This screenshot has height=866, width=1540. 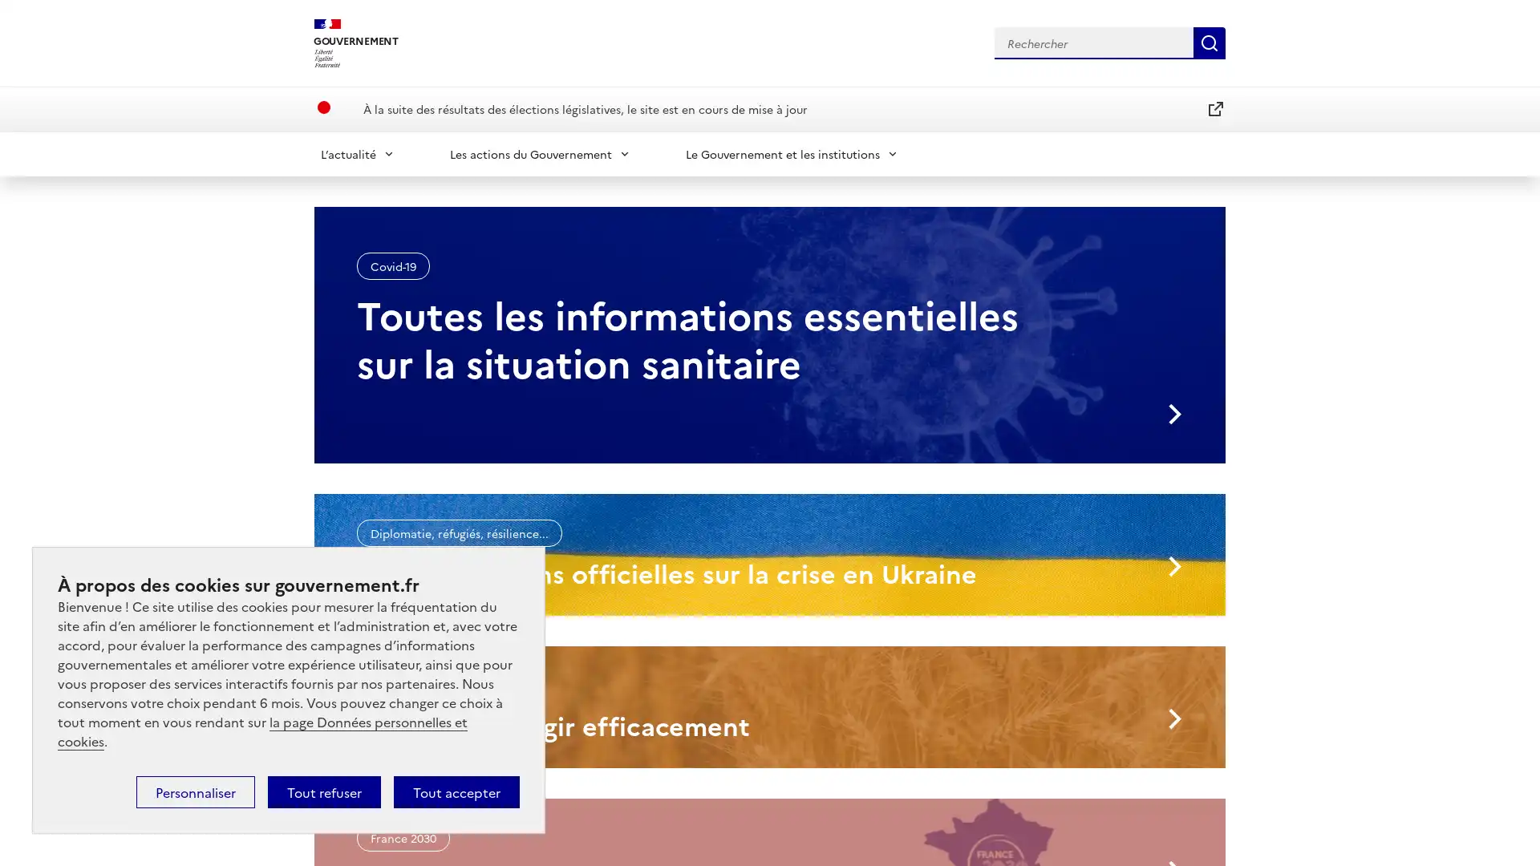 I want to click on Le Gouvernement et les institutions, so click(x=792, y=153).